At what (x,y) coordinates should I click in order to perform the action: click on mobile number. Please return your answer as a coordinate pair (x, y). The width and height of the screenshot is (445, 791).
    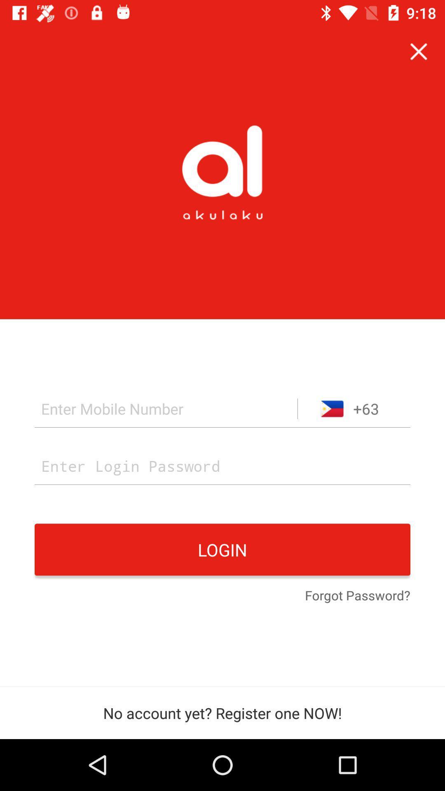
    Looking at the image, I should click on (166, 409).